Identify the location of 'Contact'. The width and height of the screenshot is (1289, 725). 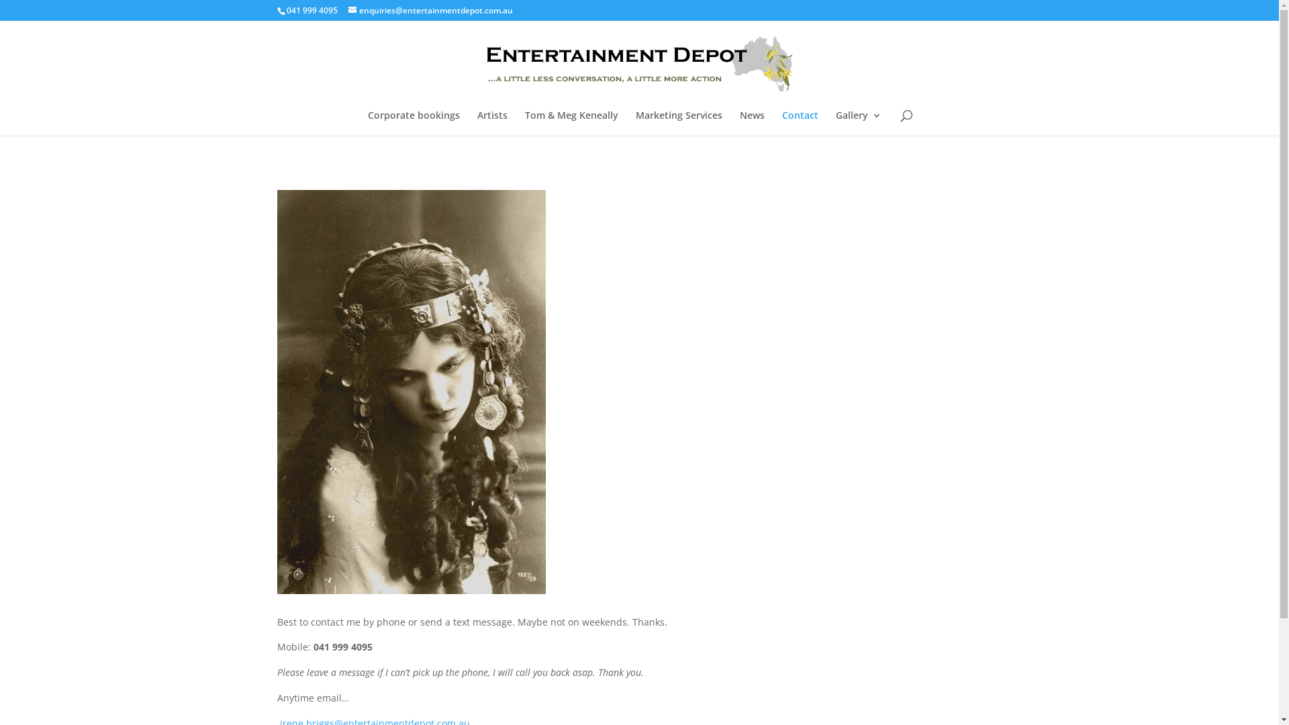
(782, 123).